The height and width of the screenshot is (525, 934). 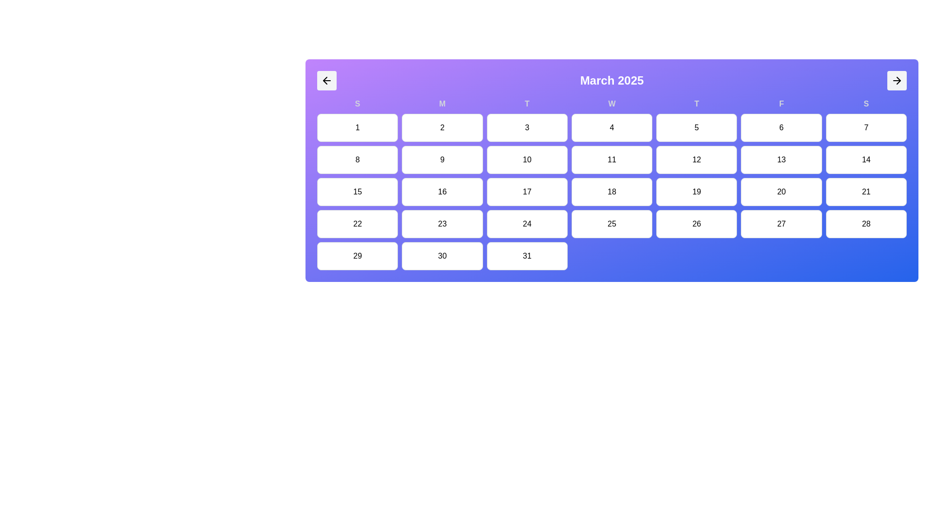 I want to click on the calendar day cell representing the 31st day of the month, located in the bottom row under the Thursday column, so click(x=526, y=256).